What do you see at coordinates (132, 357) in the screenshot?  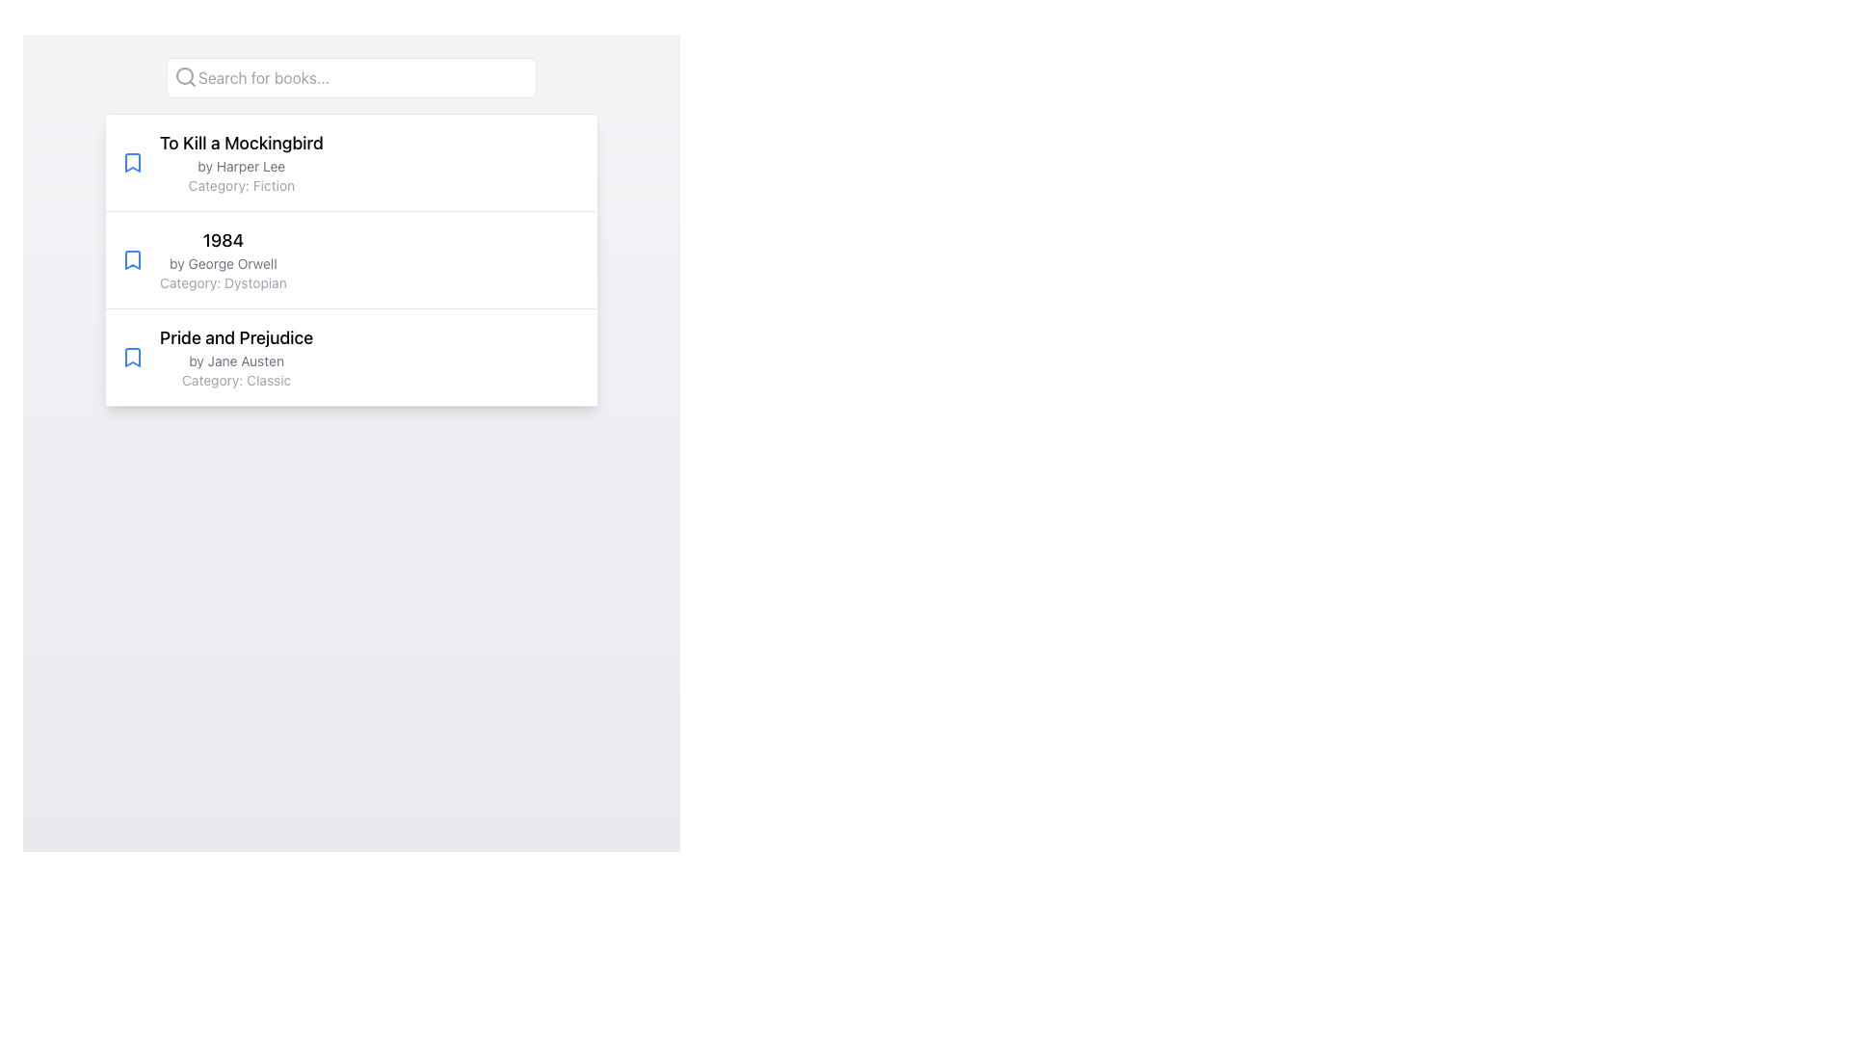 I see `the blue outlined bookmark icon` at bounding box center [132, 357].